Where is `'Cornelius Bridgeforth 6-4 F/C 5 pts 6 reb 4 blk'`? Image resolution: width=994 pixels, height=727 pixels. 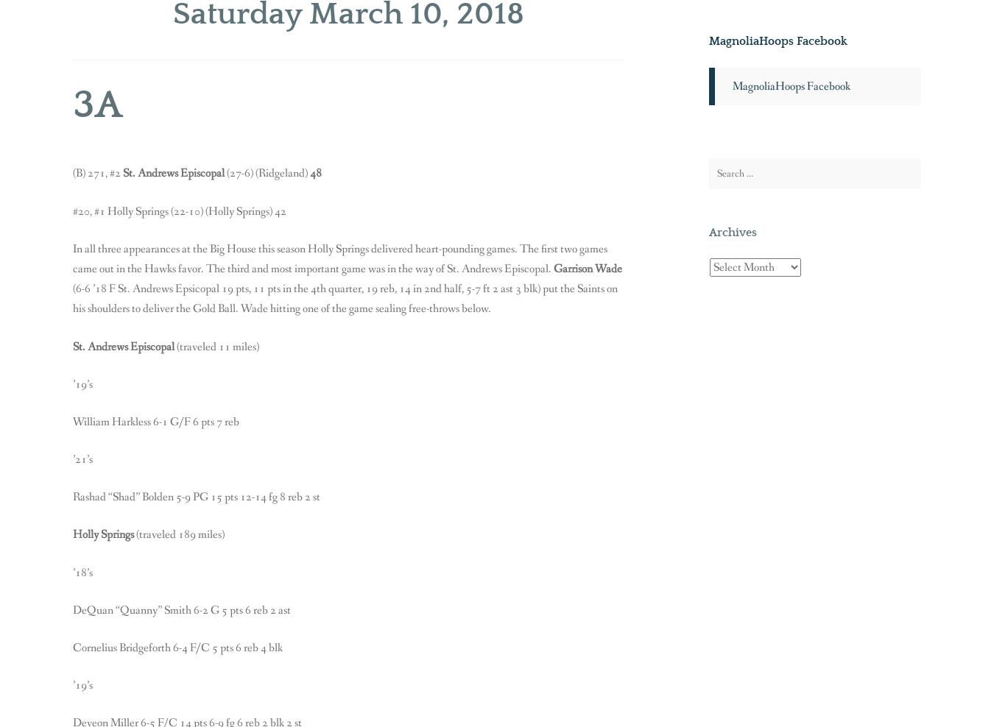
'Cornelius Bridgeforth 6-4 F/C 5 pts 6 reb 4 blk' is located at coordinates (177, 647).